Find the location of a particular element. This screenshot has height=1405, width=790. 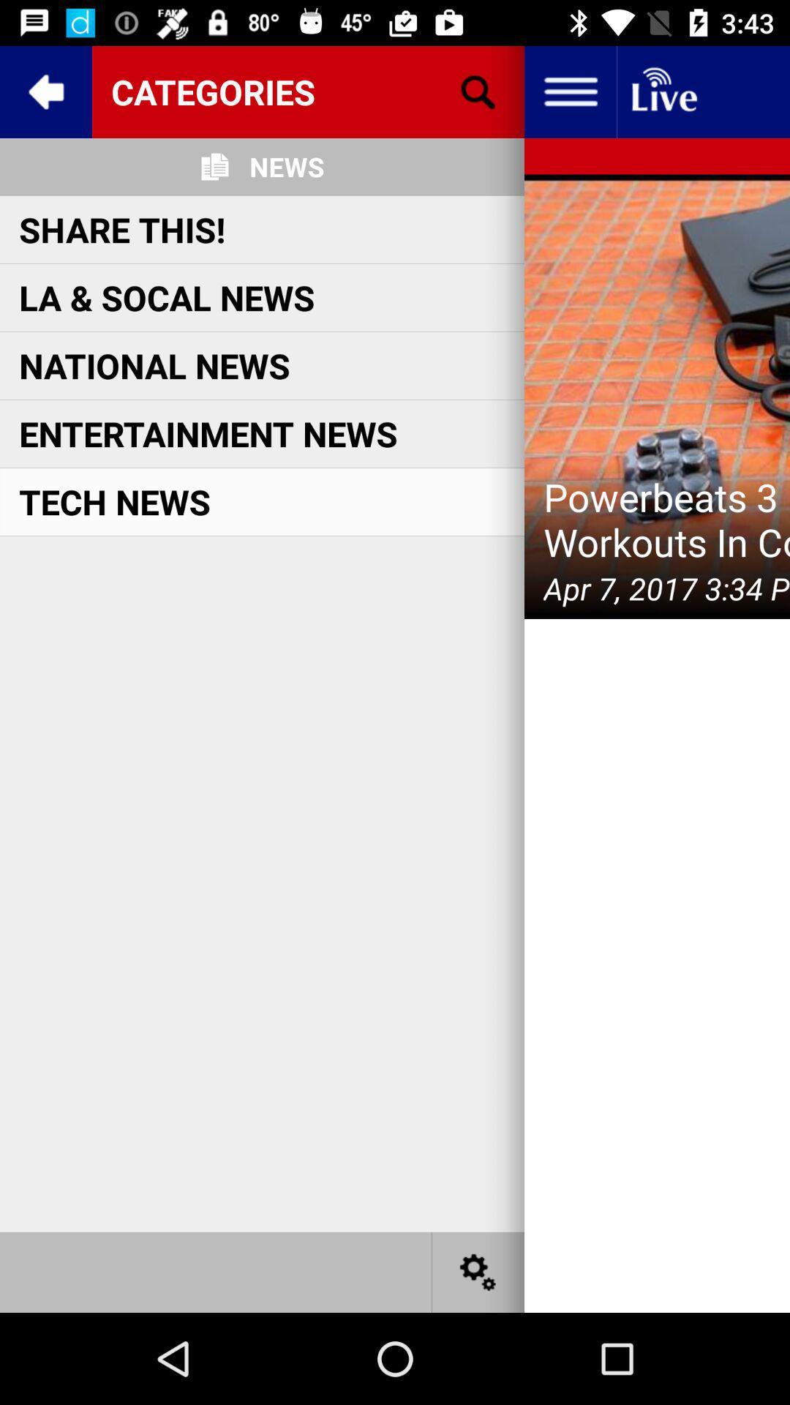

the item on the left is located at coordinates (114, 501).